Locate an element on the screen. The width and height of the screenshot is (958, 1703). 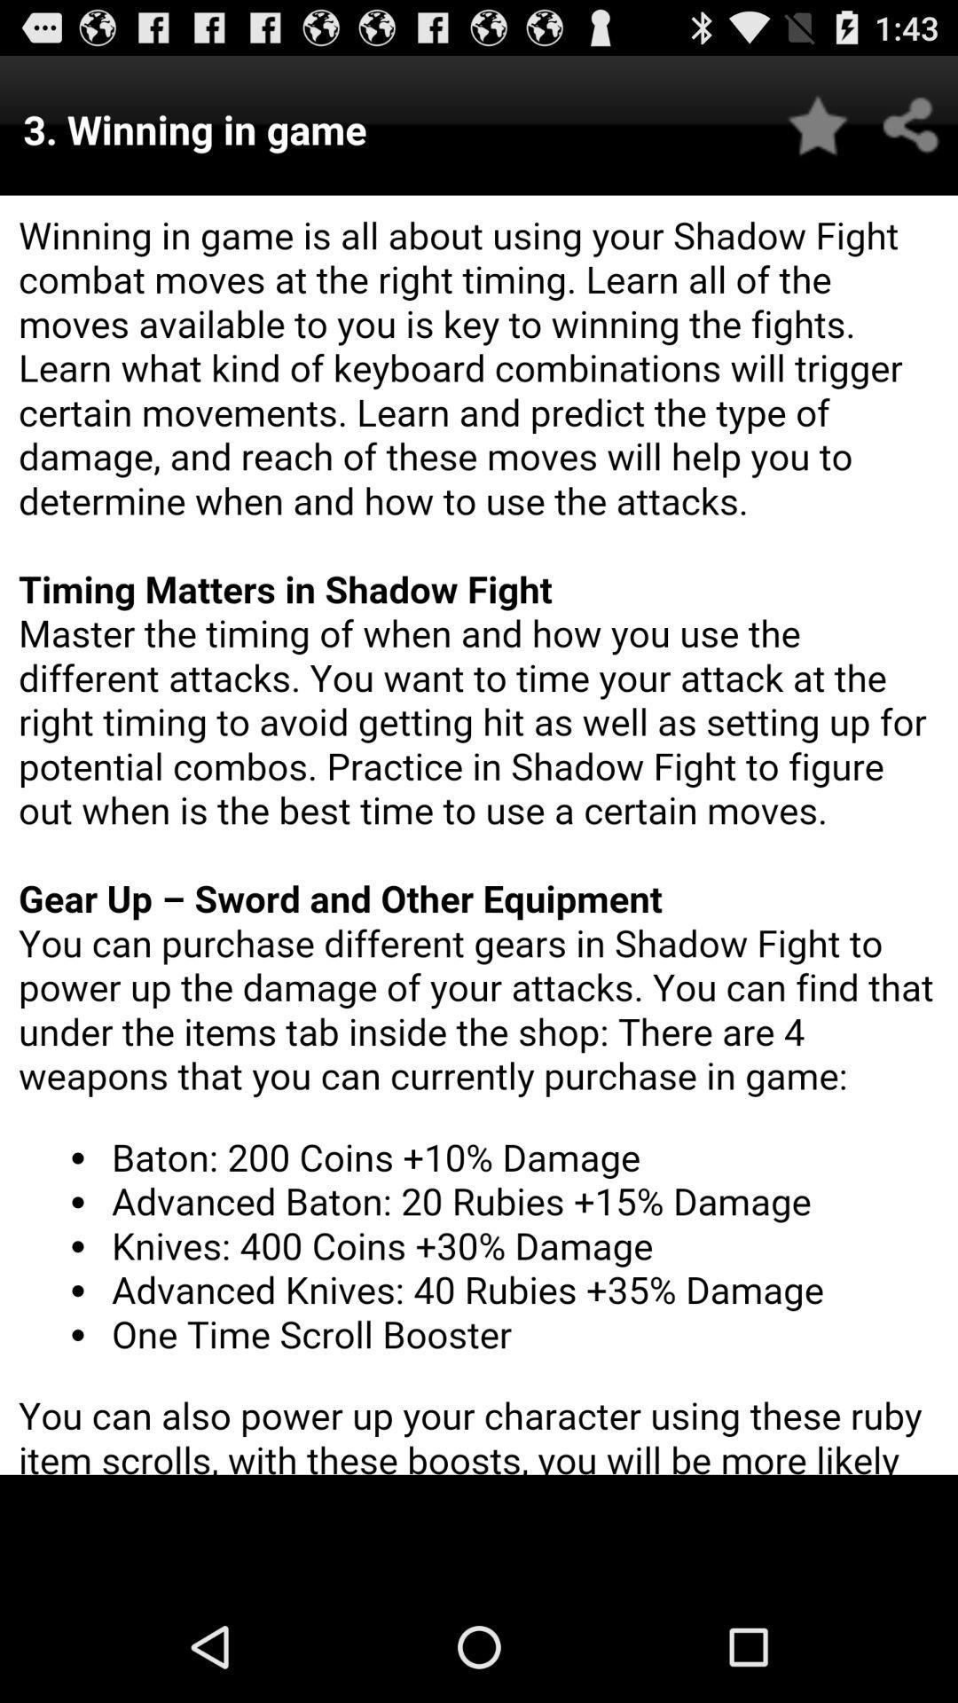
the star icon is located at coordinates (818, 133).